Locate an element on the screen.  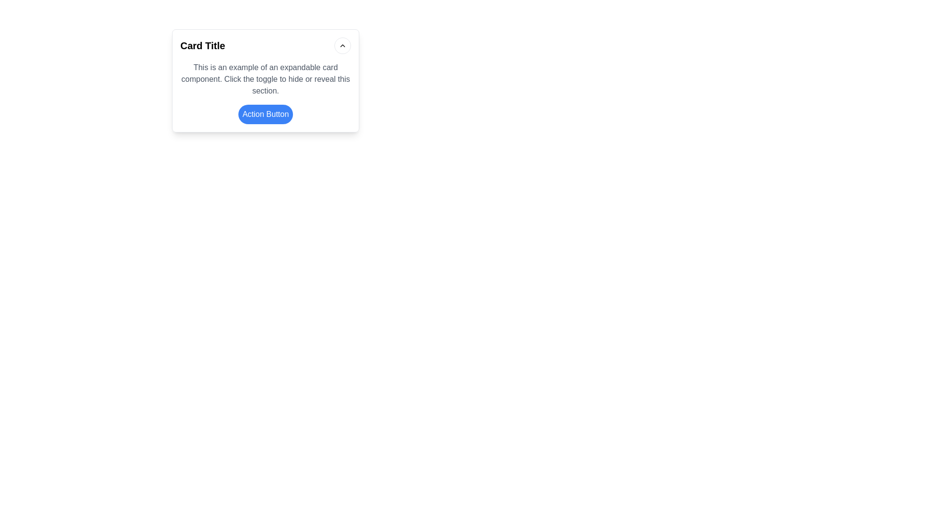
the chevron-shaped upward arrow icon within the circular button located in the top-right corner of the card is located at coordinates (342, 45).